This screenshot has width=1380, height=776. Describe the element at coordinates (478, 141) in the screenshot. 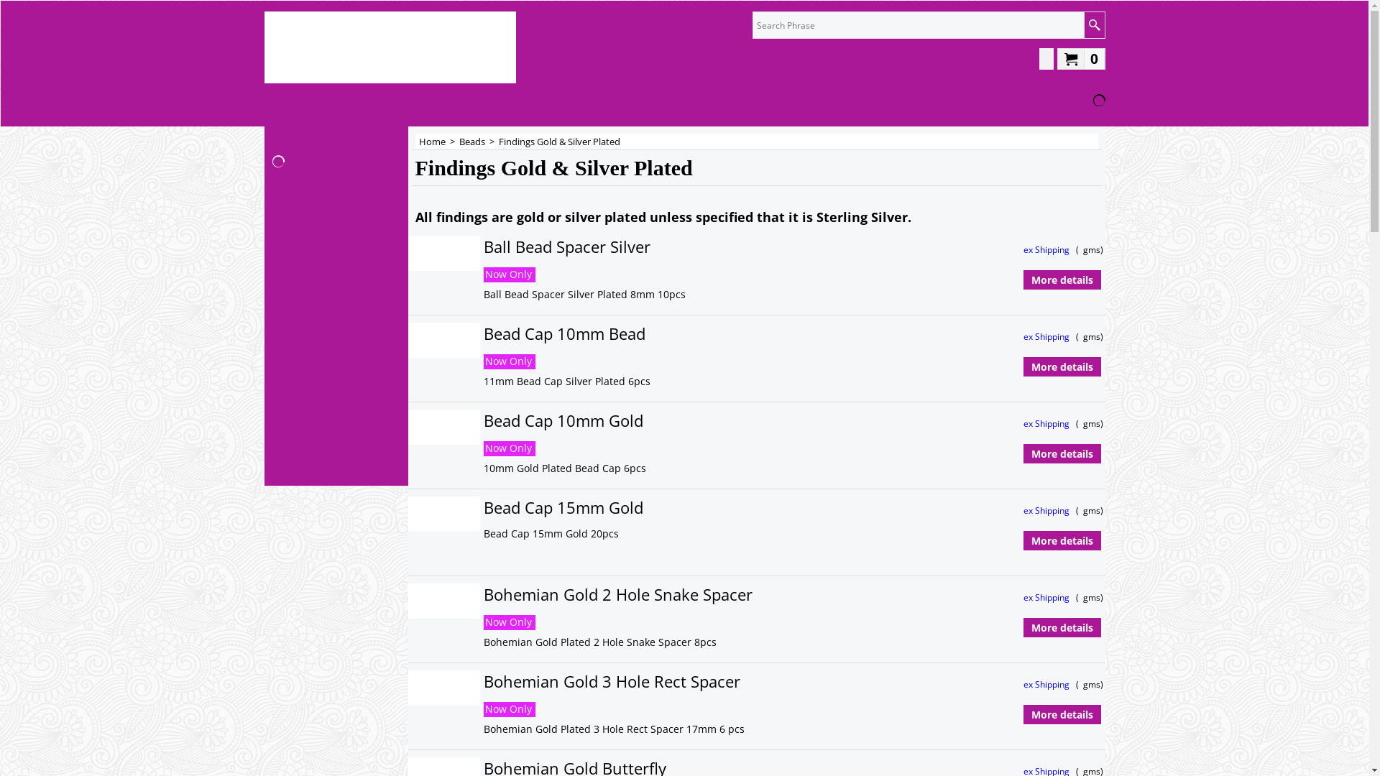

I see `'Beads  > '` at that location.